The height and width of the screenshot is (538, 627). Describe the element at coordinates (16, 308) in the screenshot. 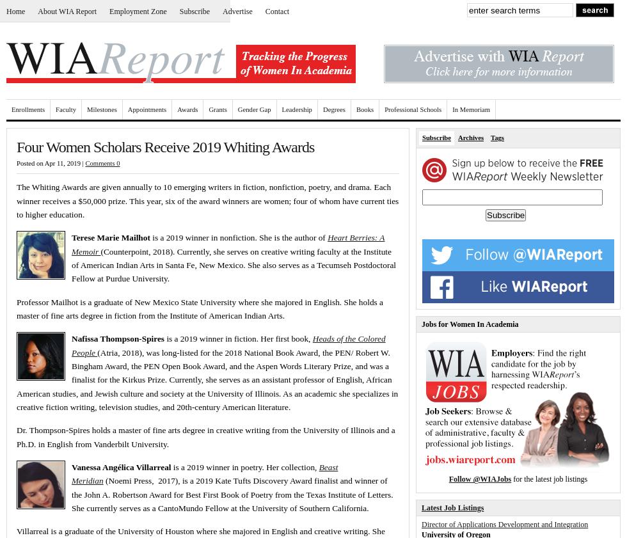

I see `'Professor Mailhot is a graduate of New Mexico State University where she majored in English. She holds a master of fine arts degree in fiction from the Institute of American Indian Arts.'` at that location.